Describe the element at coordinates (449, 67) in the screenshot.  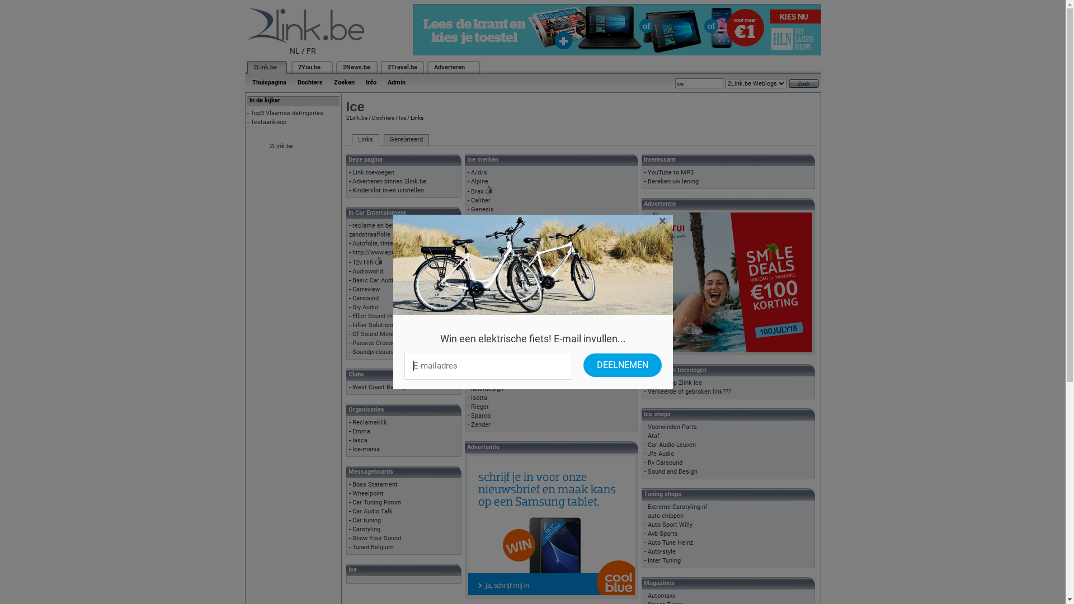
I see `'Adverteren'` at that location.